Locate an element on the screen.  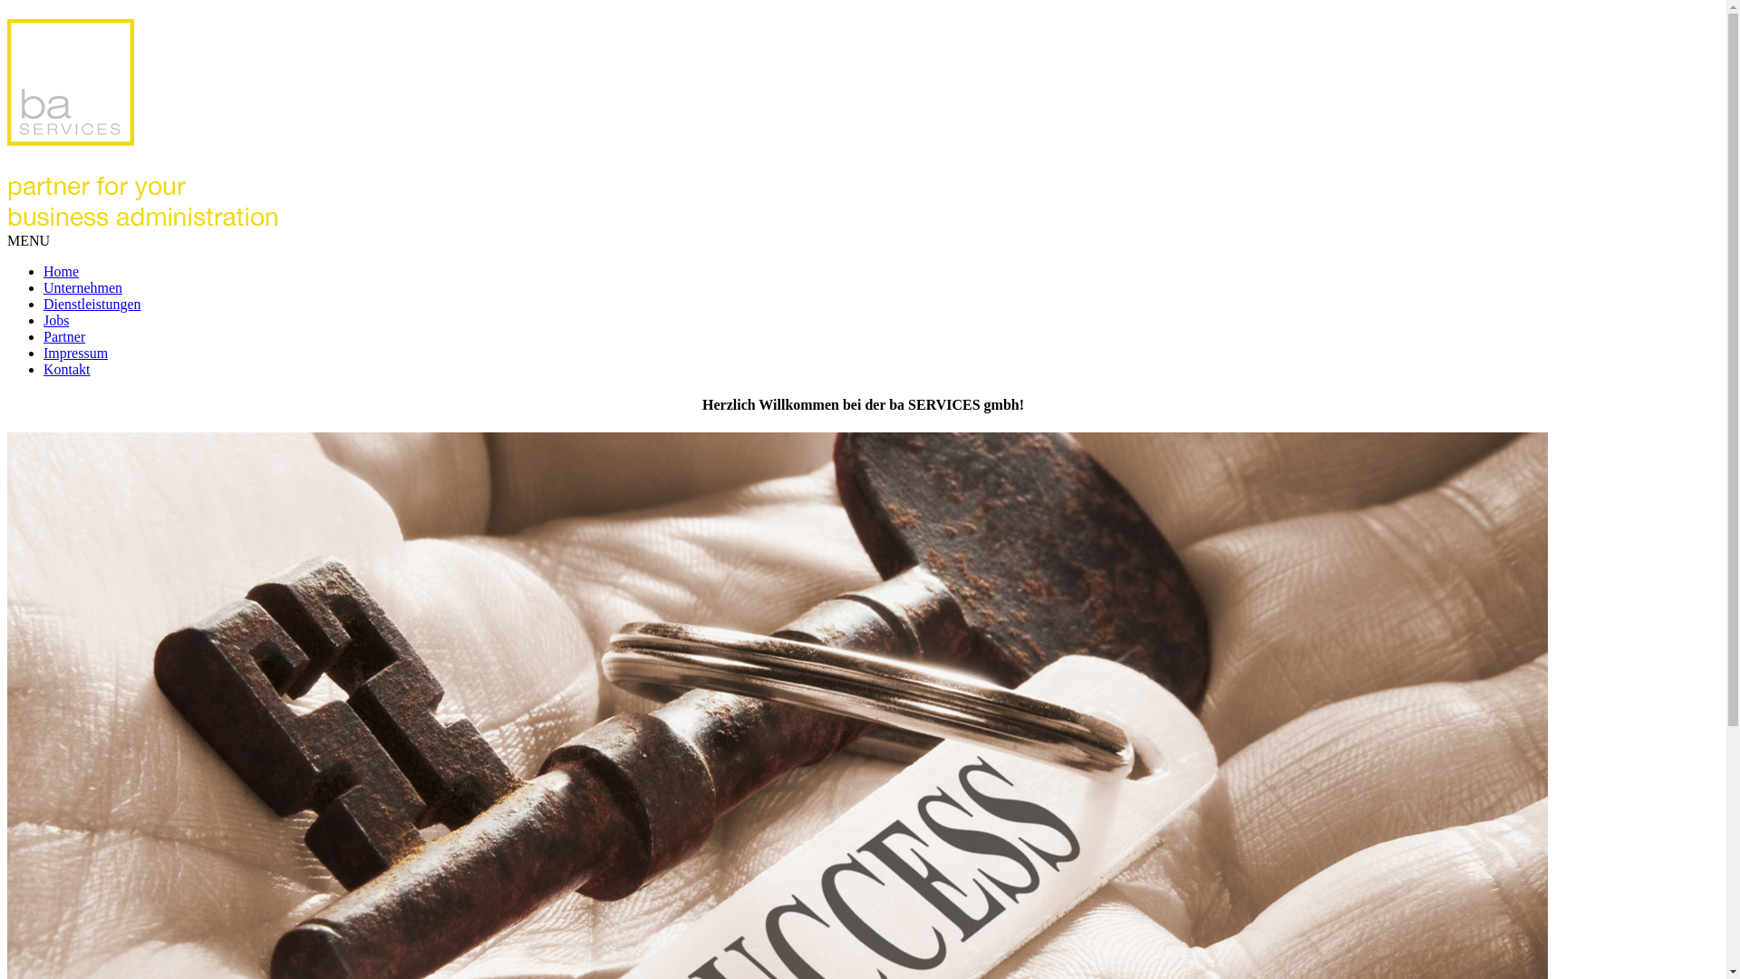
'Unternehmen' is located at coordinates (82, 286).